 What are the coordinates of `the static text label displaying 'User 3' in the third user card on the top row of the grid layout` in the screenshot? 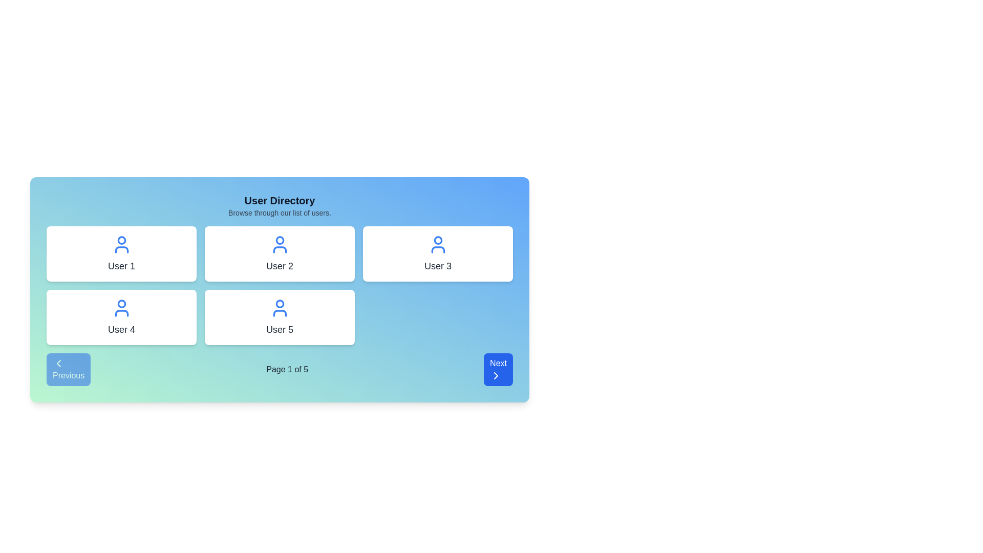 It's located at (438, 266).